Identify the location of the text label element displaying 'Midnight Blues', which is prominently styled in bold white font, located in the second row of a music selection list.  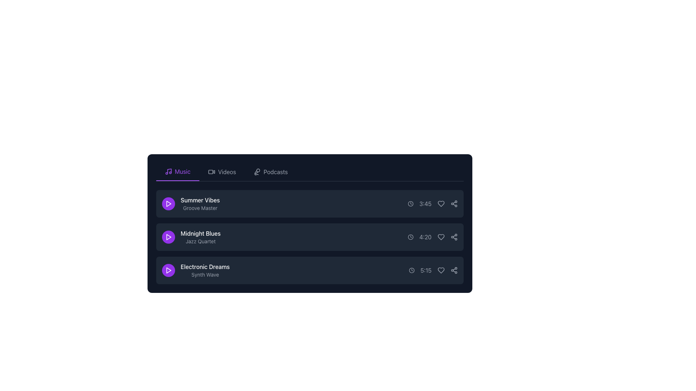
(200, 233).